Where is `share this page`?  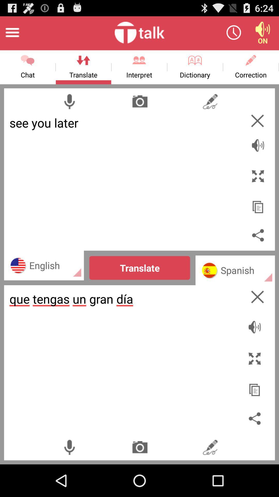 share this page is located at coordinates (256, 418).